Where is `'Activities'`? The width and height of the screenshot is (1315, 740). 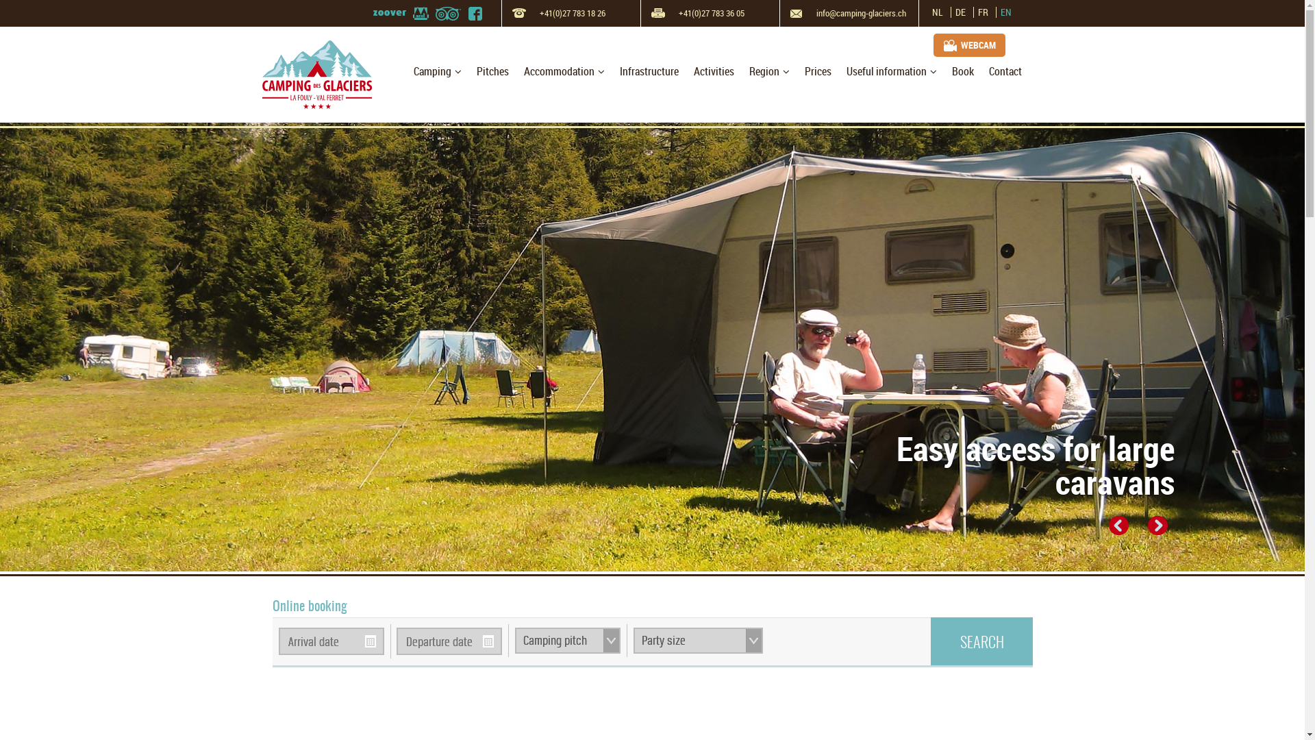
'Activities' is located at coordinates (713, 71).